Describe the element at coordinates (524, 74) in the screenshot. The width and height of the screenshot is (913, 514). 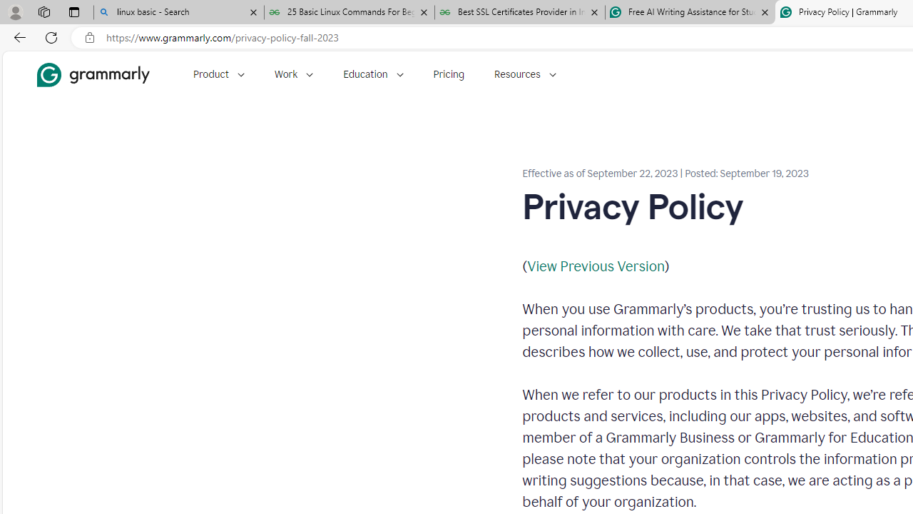
I see `'Resources'` at that location.